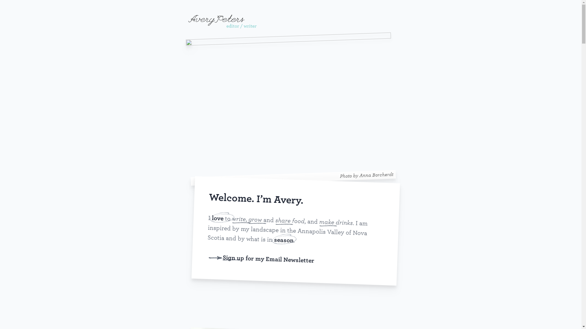  Describe the element at coordinates (268, 257) in the screenshot. I see `'Sign up for my Email Newsletter'` at that location.